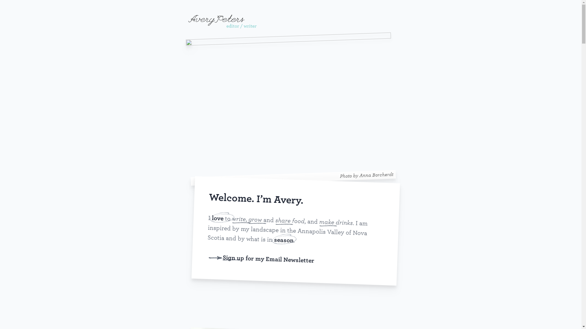  Describe the element at coordinates (268, 257) in the screenshot. I see `'Sign up for my Email Newsletter'` at that location.